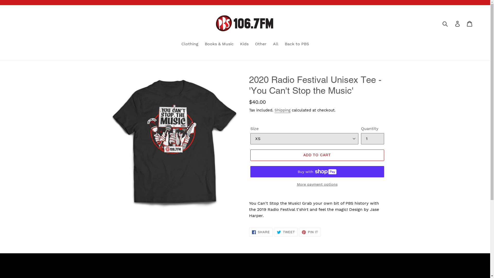 The image size is (494, 278). Describe the element at coordinates (299, 232) in the screenshot. I see `'PIN IT` at that location.